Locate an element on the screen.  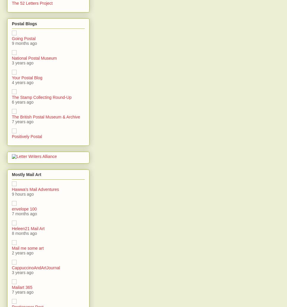
'Your Postal Blog' is located at coordinates (27, 77).